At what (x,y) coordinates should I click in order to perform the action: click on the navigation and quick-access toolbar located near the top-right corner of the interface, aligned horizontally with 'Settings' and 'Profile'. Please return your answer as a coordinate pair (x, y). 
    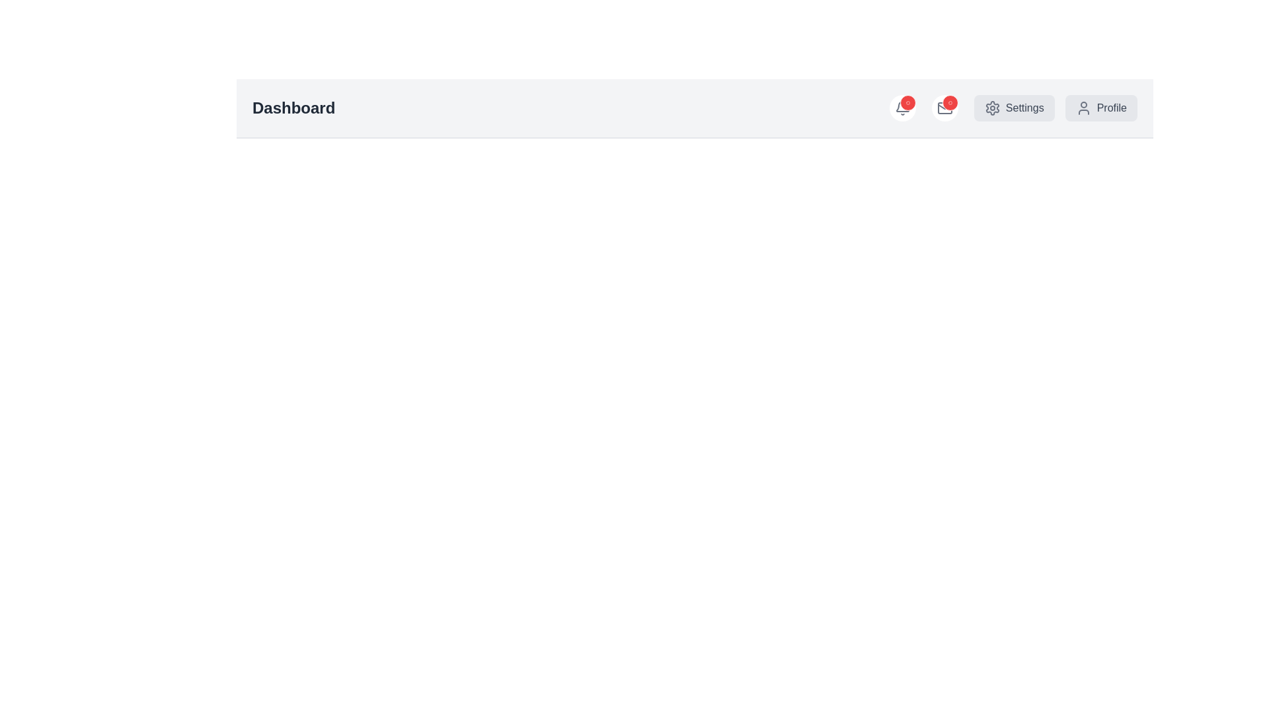
    Looking at the image, I should click on (1013, 108).